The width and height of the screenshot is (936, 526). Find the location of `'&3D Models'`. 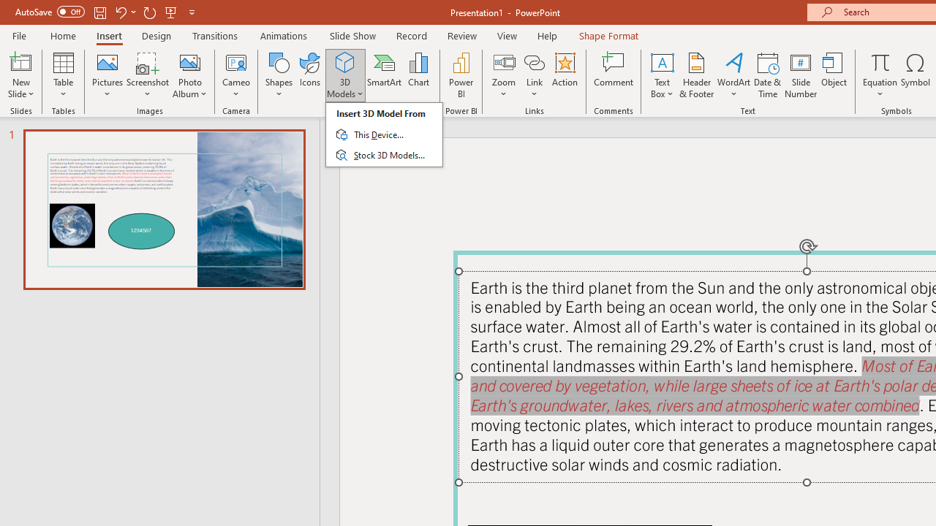

'&3D Models' is located at coordinates (384, 134).